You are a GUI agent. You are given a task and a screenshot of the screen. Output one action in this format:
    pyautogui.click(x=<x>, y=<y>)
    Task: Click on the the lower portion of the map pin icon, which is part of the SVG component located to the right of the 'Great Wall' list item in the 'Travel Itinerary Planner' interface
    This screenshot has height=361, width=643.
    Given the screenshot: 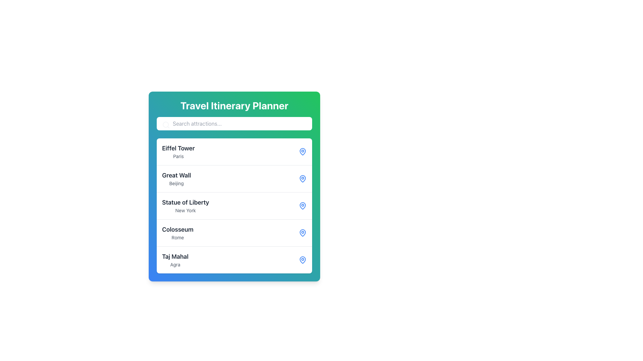 What is the action you would take?
    pyautogui.click(x=302, y=178)
    